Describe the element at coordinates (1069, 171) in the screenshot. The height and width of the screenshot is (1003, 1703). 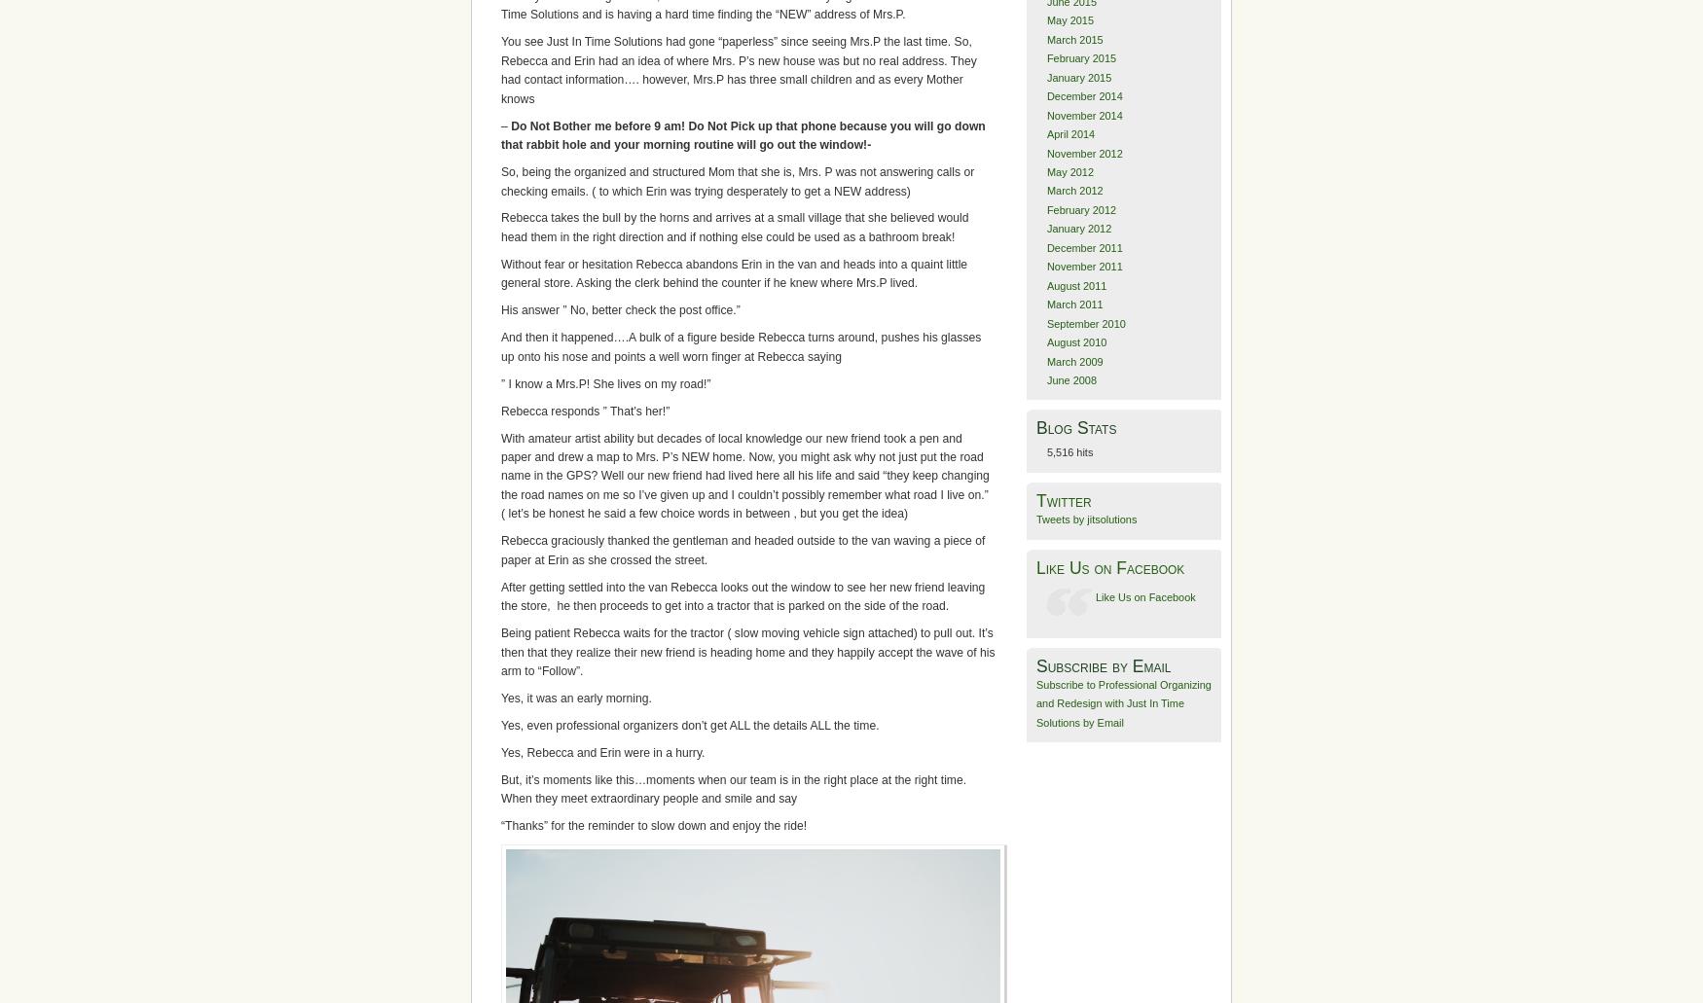
I see `'May 2012'` at that location.